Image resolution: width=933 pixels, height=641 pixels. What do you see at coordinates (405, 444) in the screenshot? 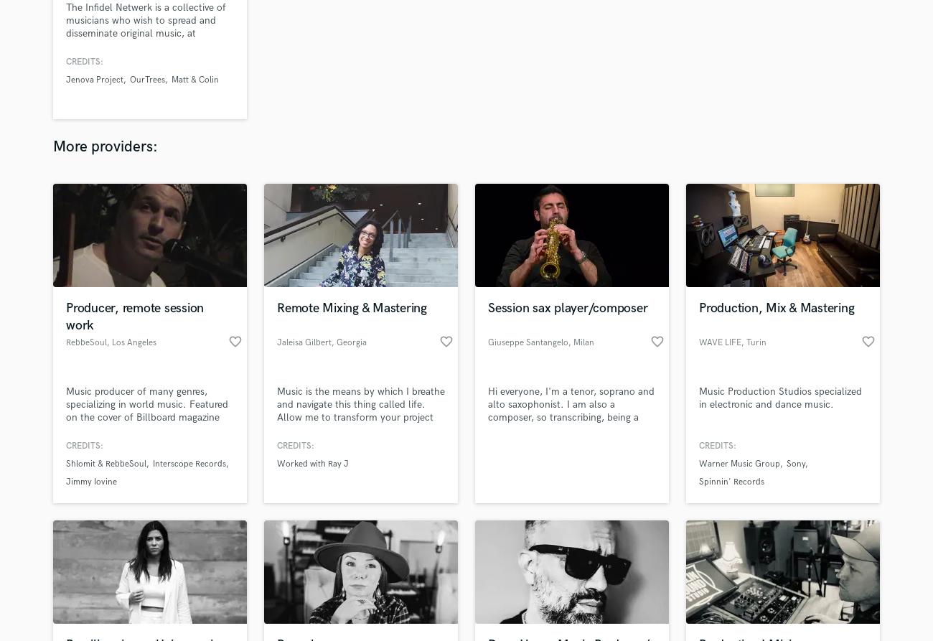
I see `'Programmed Drums'` at bounding box center [405, 444].